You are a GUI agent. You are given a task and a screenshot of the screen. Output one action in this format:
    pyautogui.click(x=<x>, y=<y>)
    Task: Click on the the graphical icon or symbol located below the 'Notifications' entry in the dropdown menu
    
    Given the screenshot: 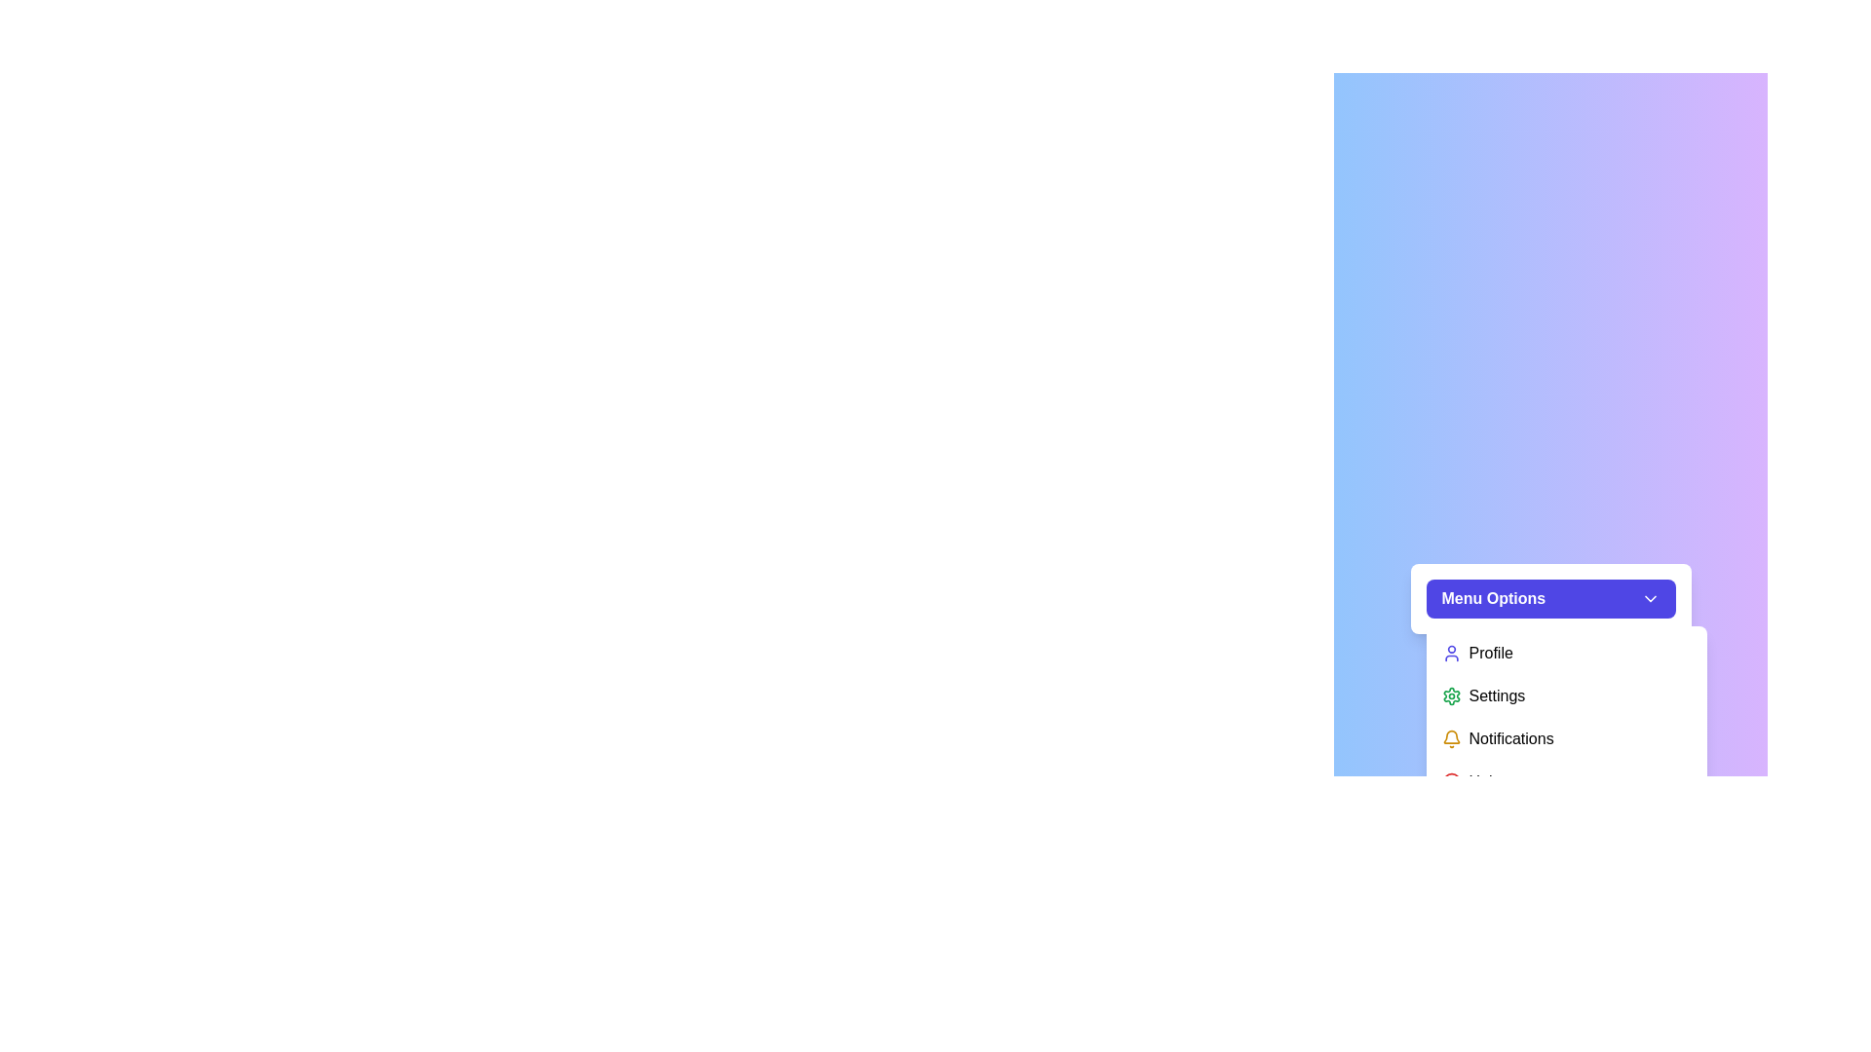 What is the action you would take?
    pyautogui.click(x=1451, y=780)
    